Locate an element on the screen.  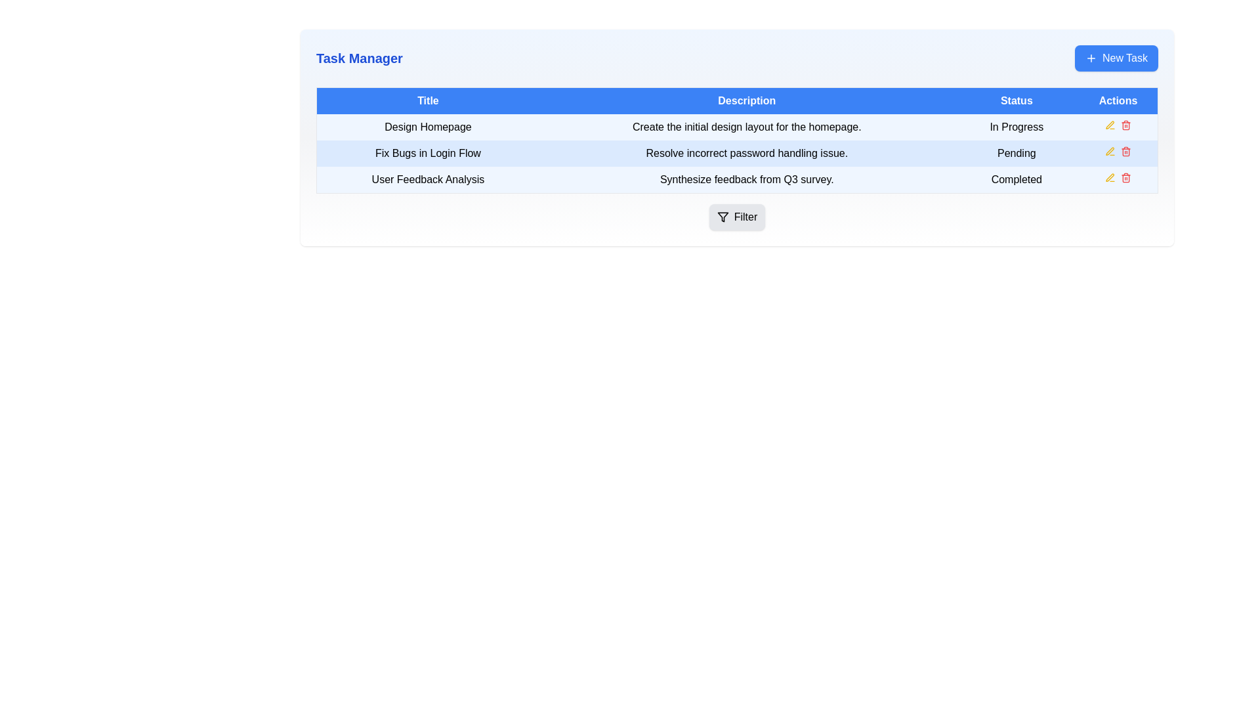
the 'Filter' button with a funnel icon located at the bottom-right corner of the task list interface is located at coordinates (737, 217).